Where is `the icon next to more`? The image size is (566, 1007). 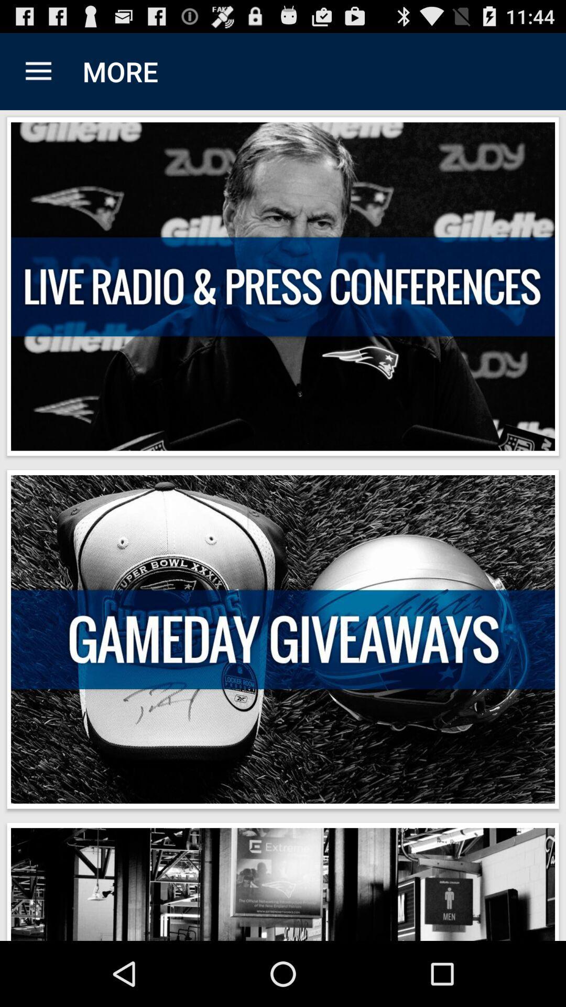 the icon next to more is located at coordinates (38, 71).